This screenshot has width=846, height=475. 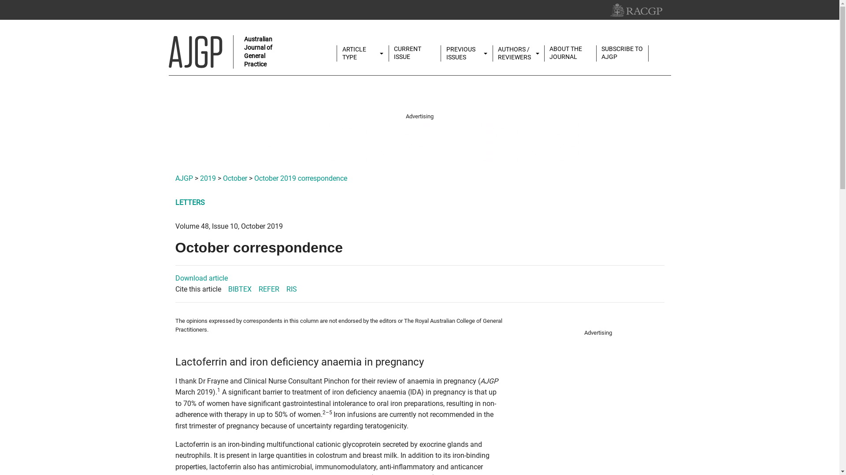 What do you see at coordinates (492, 53) in the screenshot?
I see `'AUTHORS / REVIEWERS'` at bounding box center [492, 53].